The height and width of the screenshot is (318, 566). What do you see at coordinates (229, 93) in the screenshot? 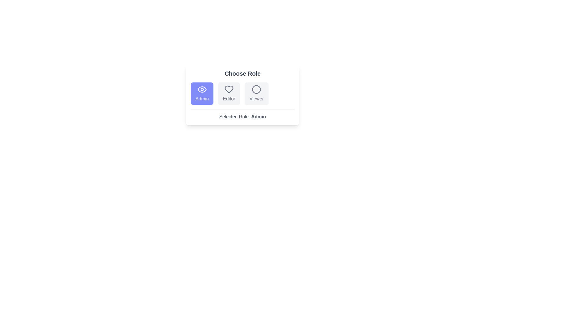
I see `the 'Editor' role button, which is the second button in a group of three options` at bounding box center [229, 93].